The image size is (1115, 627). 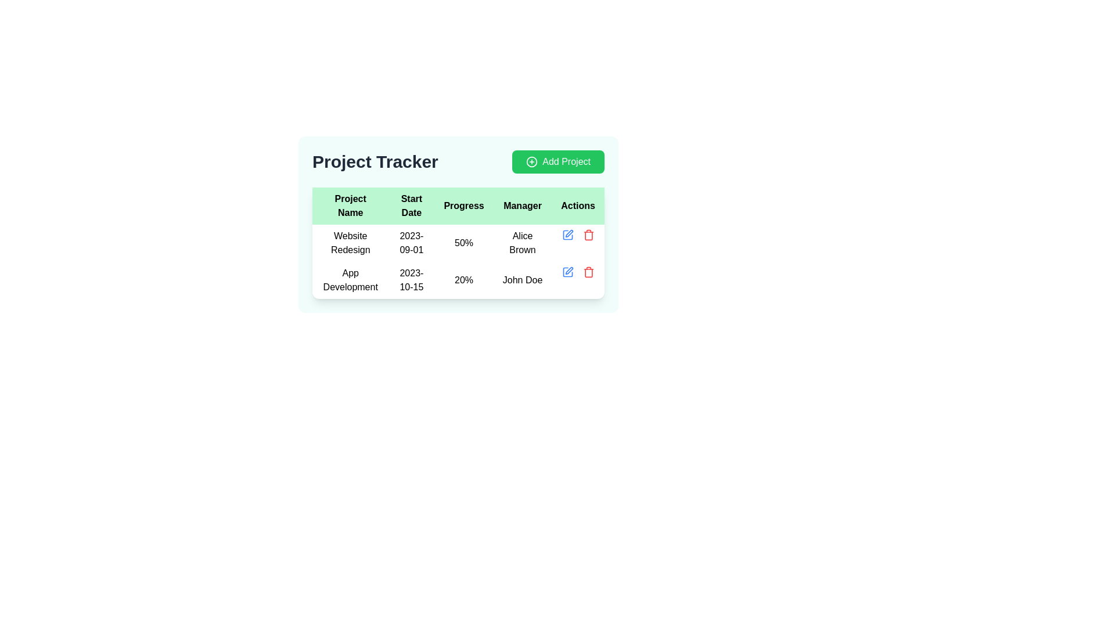 What do you see at coordinates (588, 272) in the screenshot?
I see `the delete button located in the last column under 'Actions' in the second row of the table, adjacent to the text 'App Development', to initiate the delete action` at bounding box center [588, 272].